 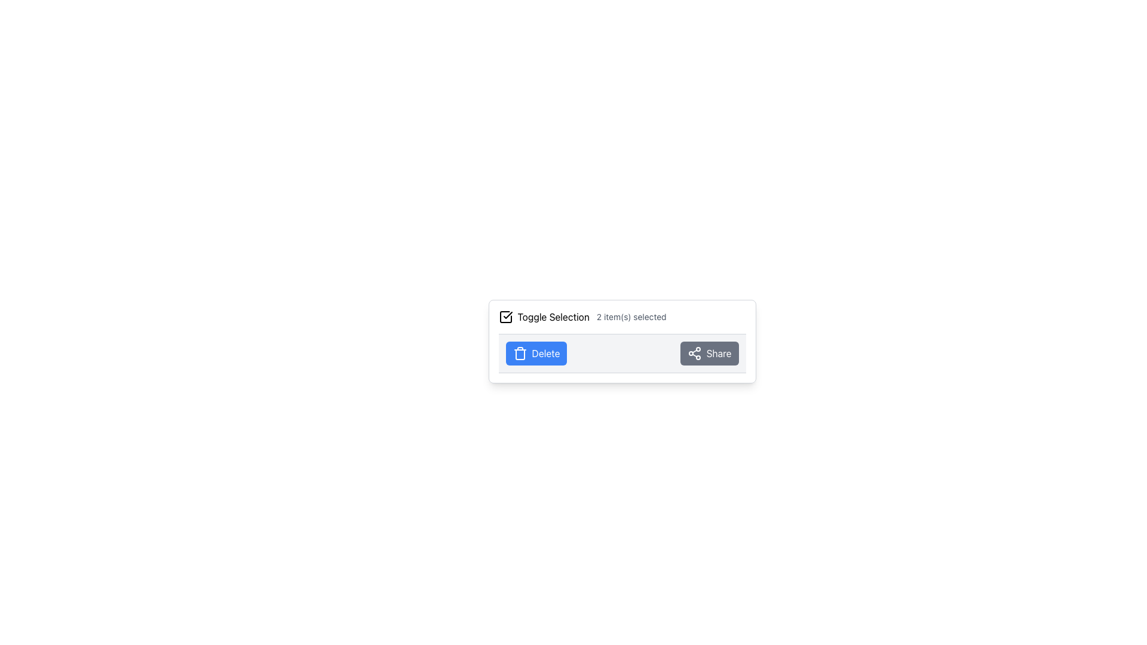 What do you see at coordinates (694, 352) in the screenshot?
I see `the 'Share' button which is represented by an icon located on the right end of the button, positioned next to a blue 'Delete' button` at bounding box center [694, 352].